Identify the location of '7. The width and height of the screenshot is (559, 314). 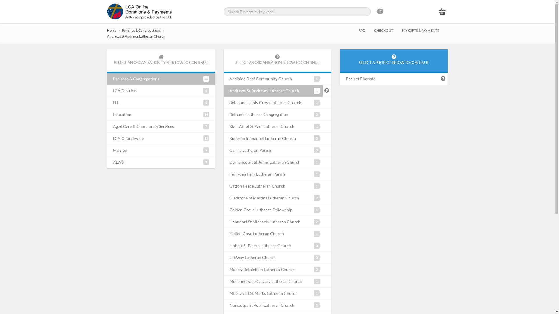
(273, 222).